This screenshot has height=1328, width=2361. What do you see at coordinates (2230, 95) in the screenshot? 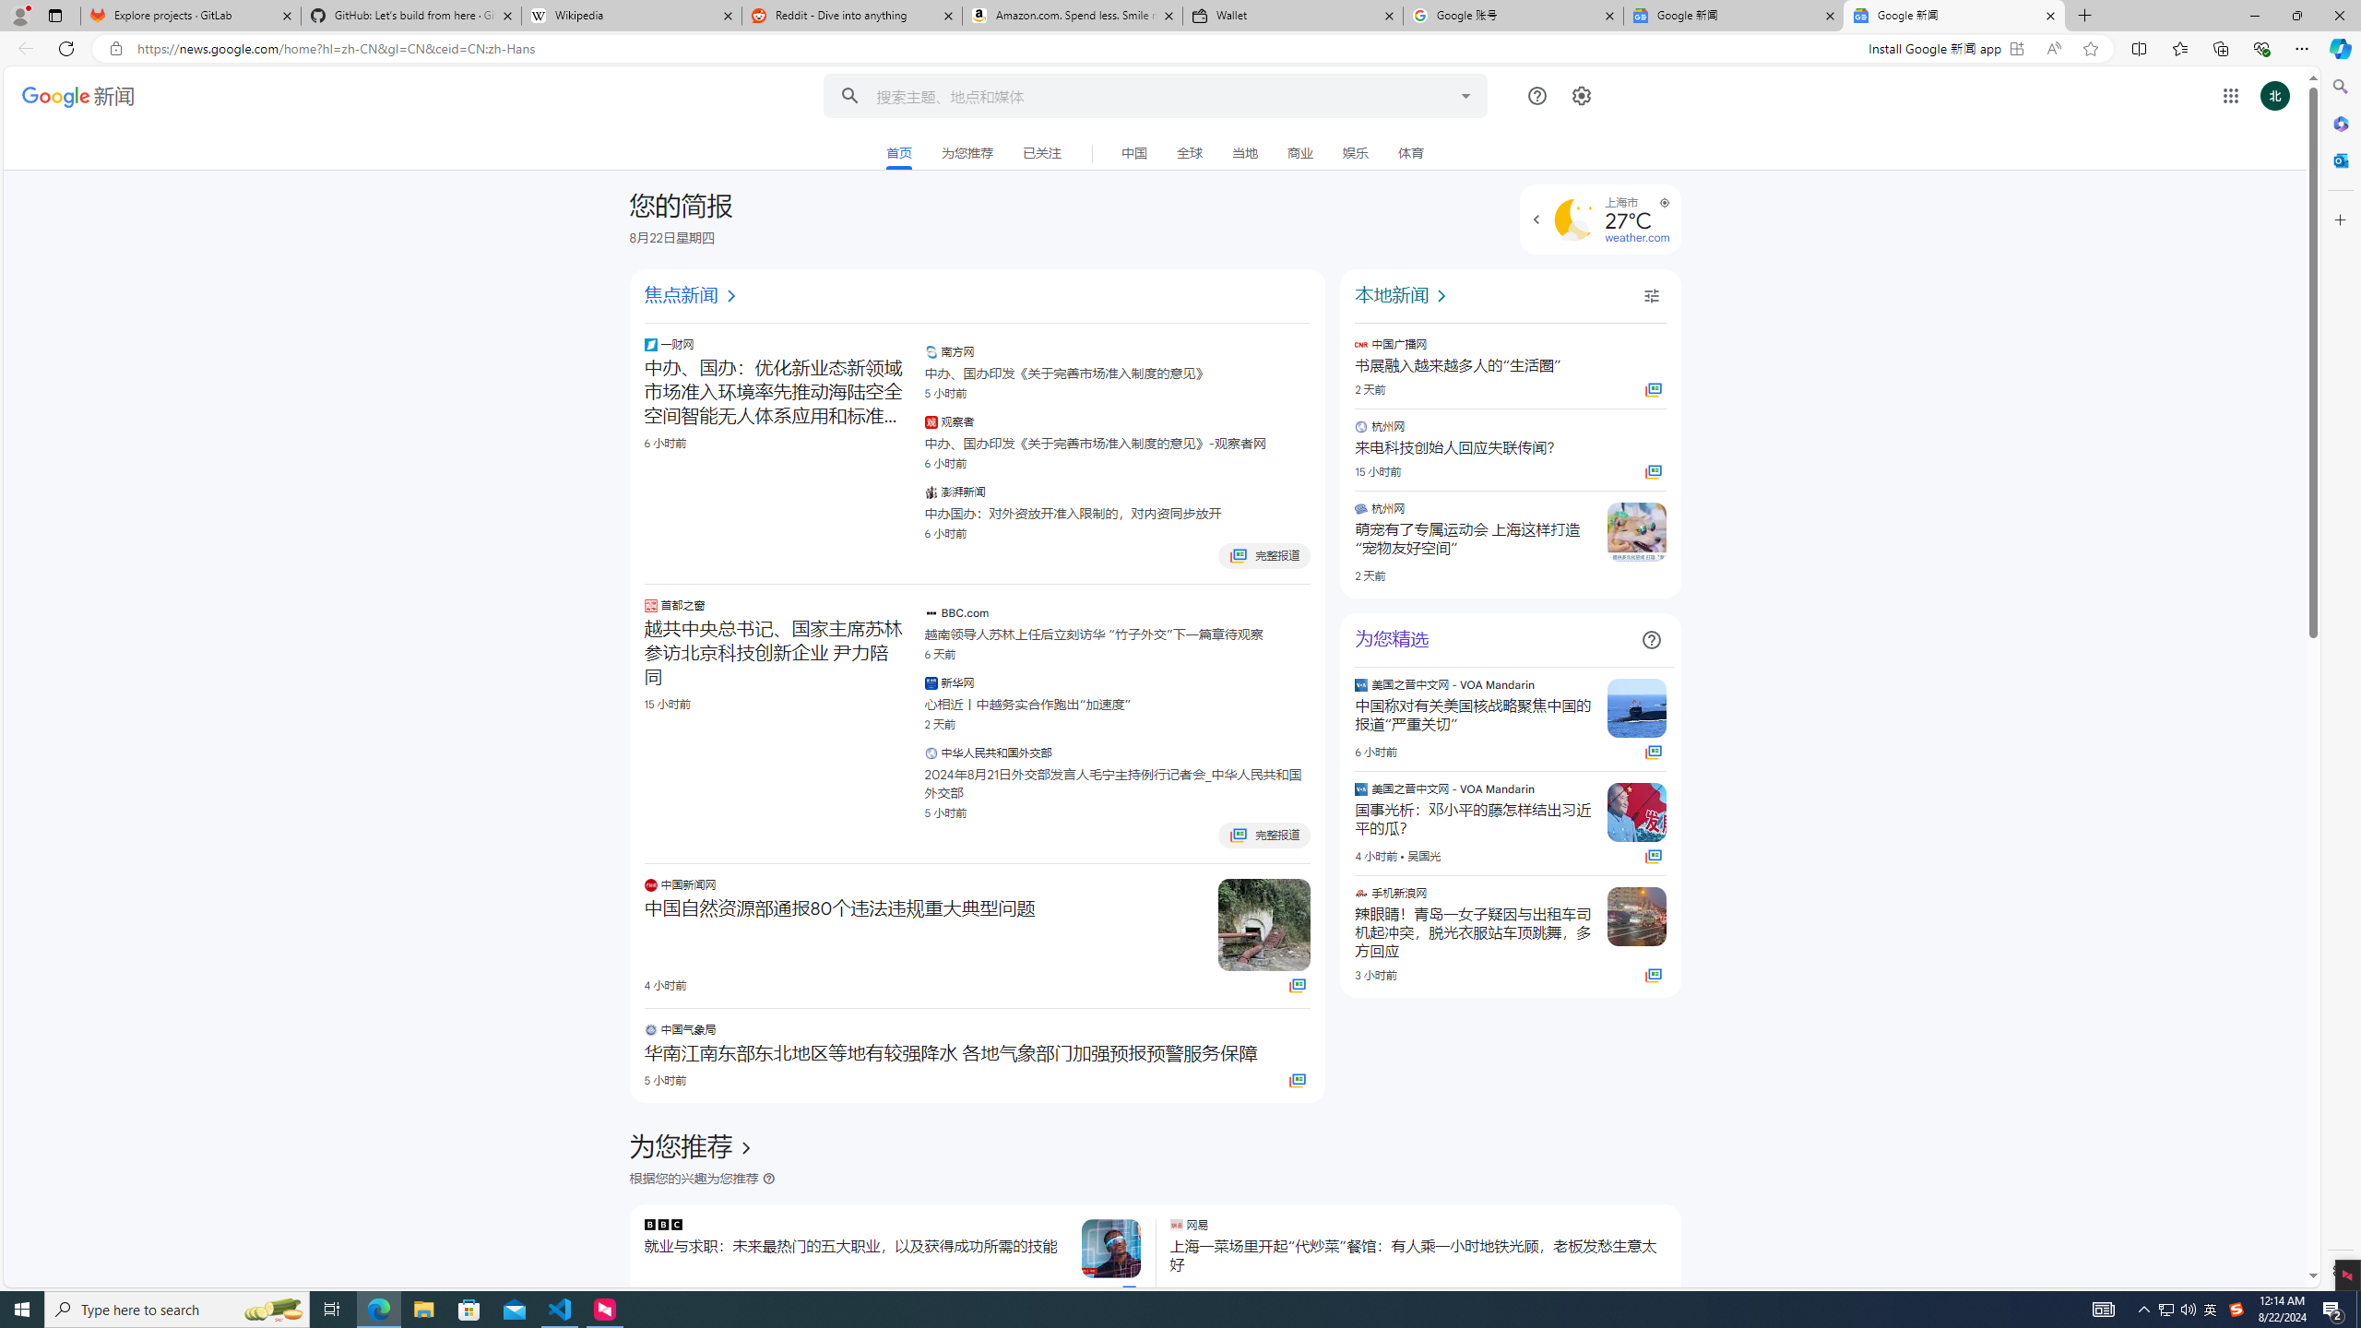
I see `'Class: gb_E'` at bounding box center [2230, 95].